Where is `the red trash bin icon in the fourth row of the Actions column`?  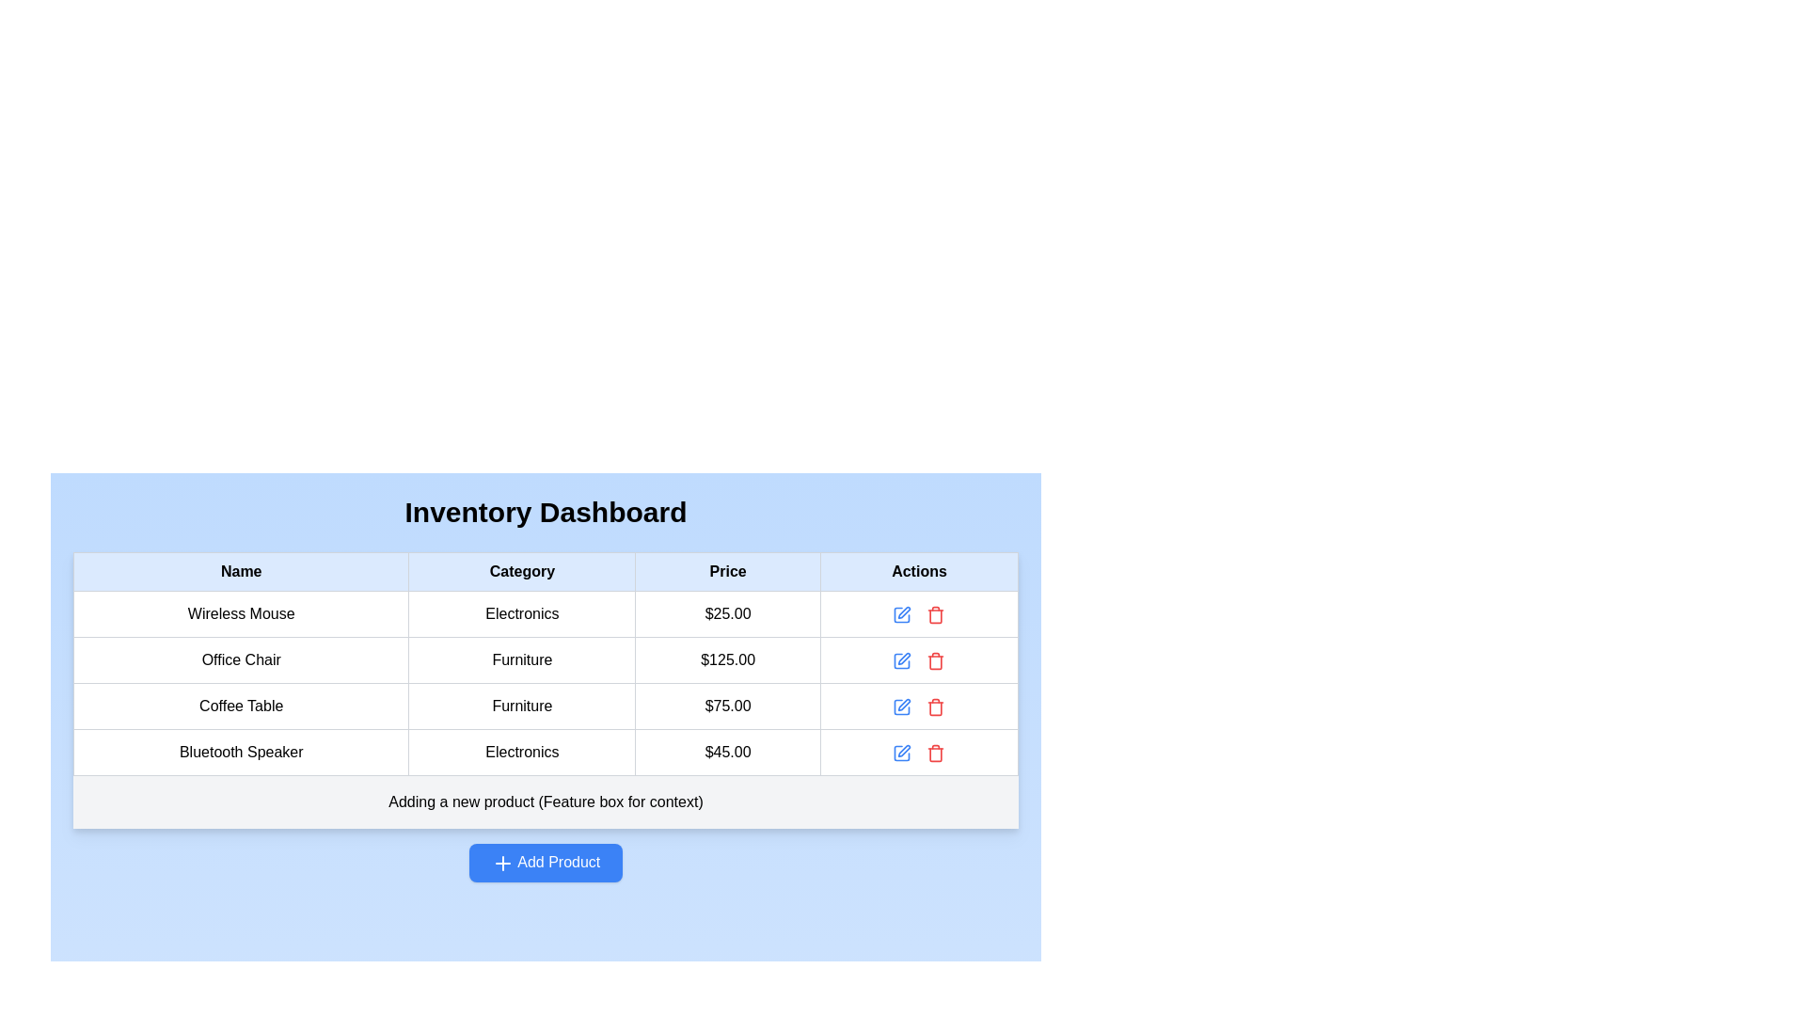
the red trash bin icon in the fourth row of the Actions column is located at coordinates (936, 708).